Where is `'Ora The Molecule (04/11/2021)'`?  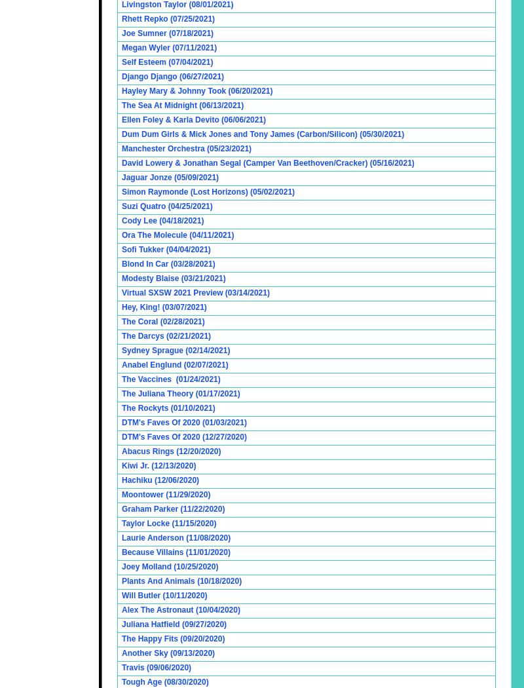
'Ora The Molecule (04/11/2021)' is located at coordinates (178, 234).